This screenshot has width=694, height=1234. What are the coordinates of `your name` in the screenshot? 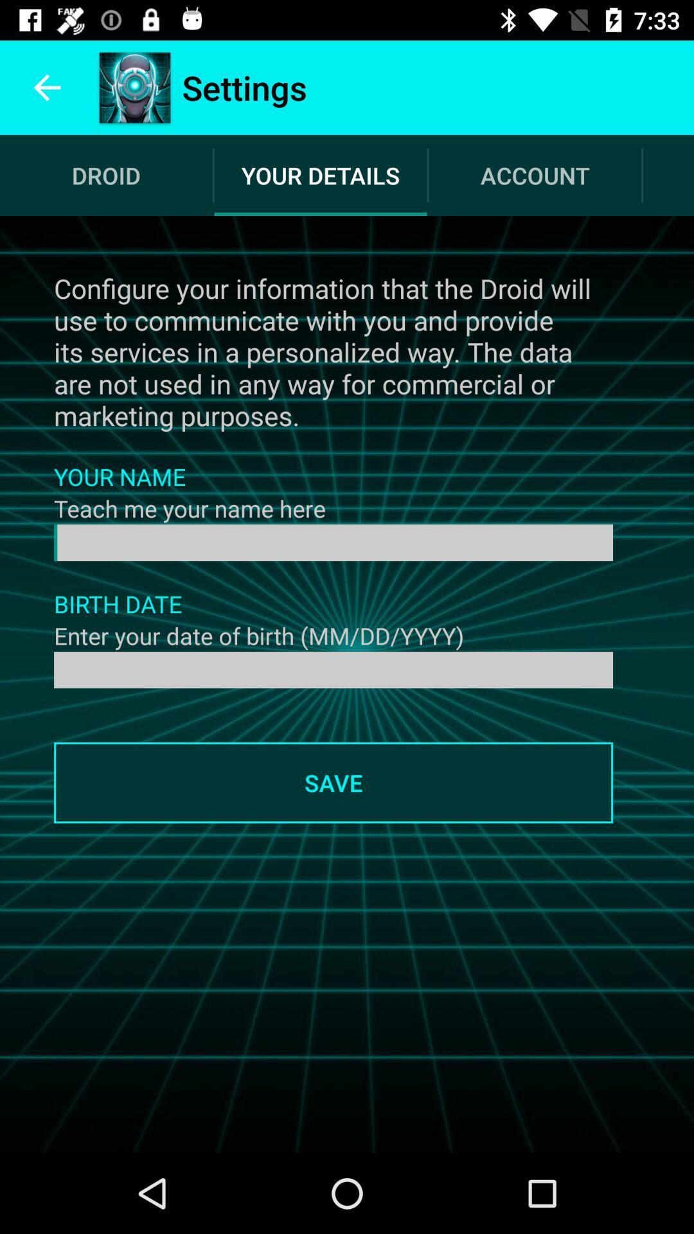 It's located at (333, 542).